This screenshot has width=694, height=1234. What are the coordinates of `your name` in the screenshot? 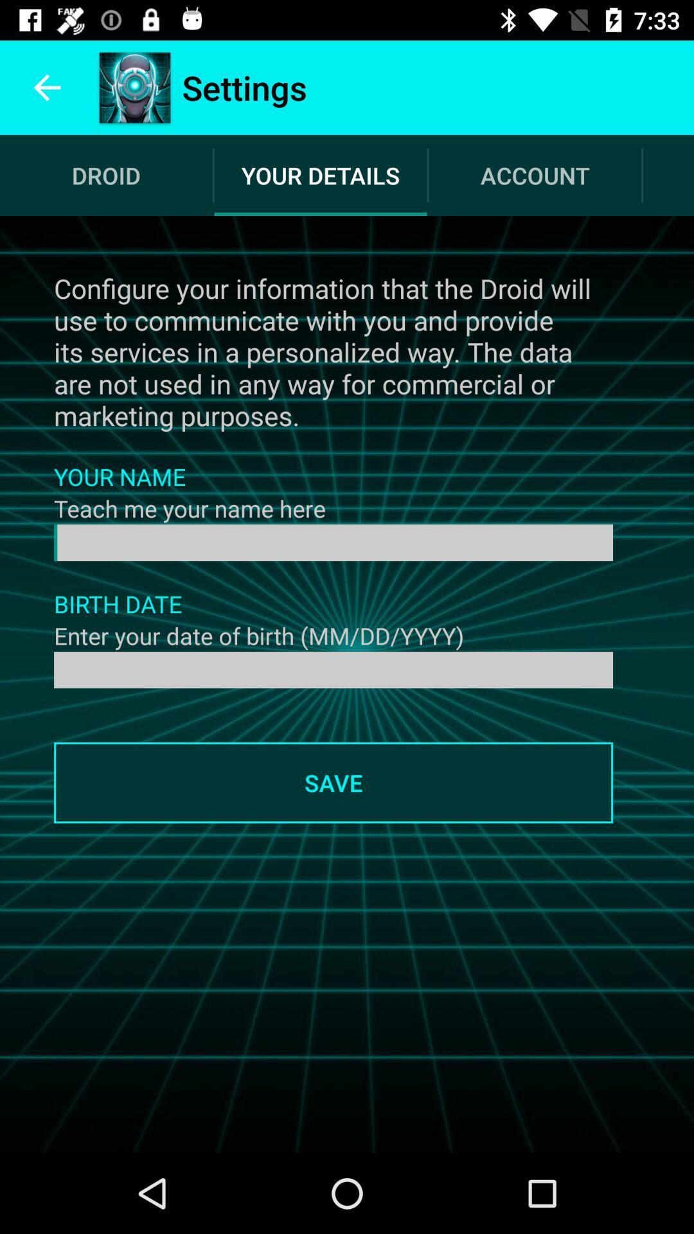 It's located at (333, 542).